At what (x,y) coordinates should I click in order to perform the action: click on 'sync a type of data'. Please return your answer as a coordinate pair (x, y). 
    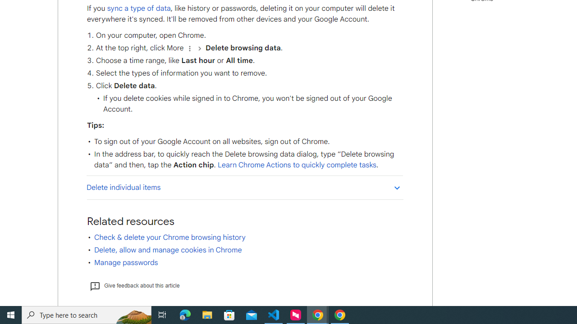
    Looking at the image, I should click on (138, 8).